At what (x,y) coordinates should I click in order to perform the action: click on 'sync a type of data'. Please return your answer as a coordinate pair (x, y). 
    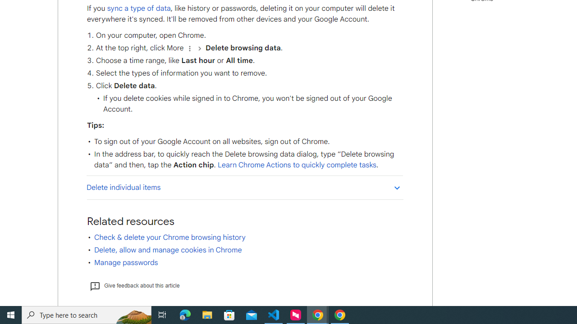
    Looking at the image, I should click on (138, 8).